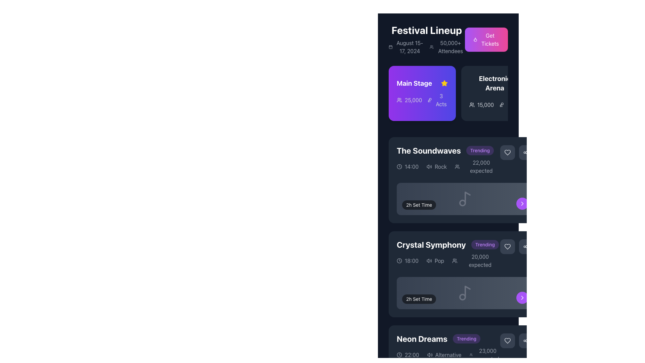 This screenshot has height=363, width=645. What do you see at coordinates (522, 203) in the screenshot?
I see `the right-pointing chevron icon with a purple circular background located at the bottom-right corner of the 'Crystal Symphony' list item` at bounding box center [522, 203].